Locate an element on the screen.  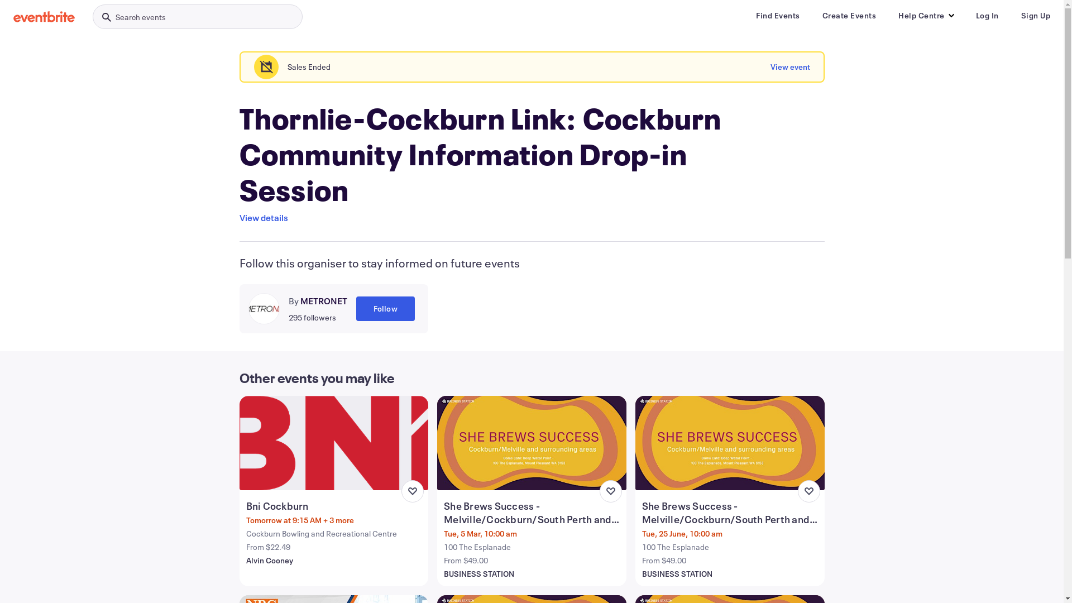
'Find Events' is located at coordinates (777, 15).